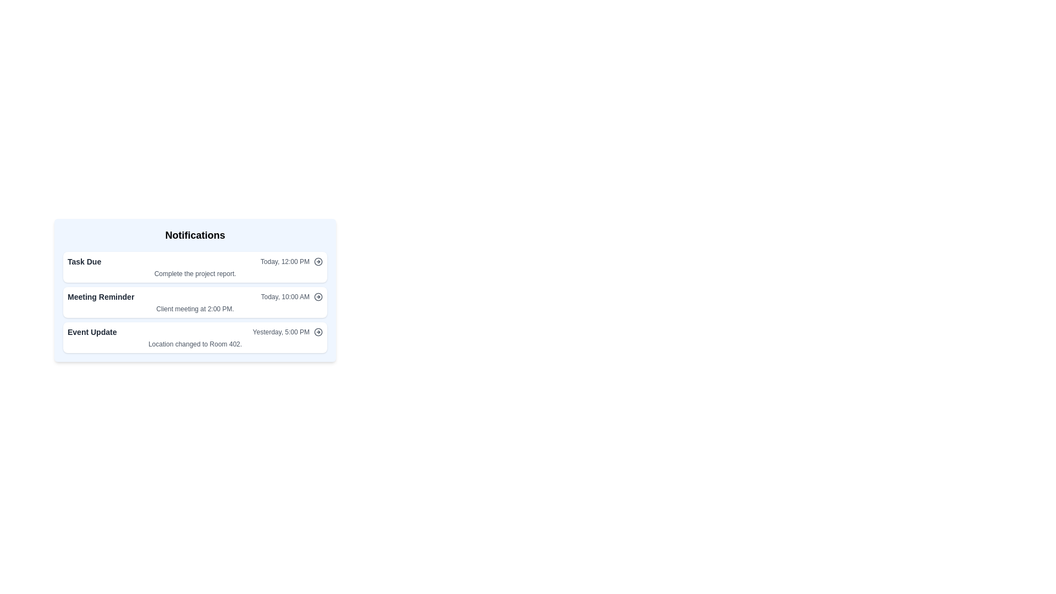  I want to click on the text label displaying 'Yesterday, 5:00 PM' in the notifications section, which is the rightmost component of the 'Event Update' notification entry, so click(281, 332).